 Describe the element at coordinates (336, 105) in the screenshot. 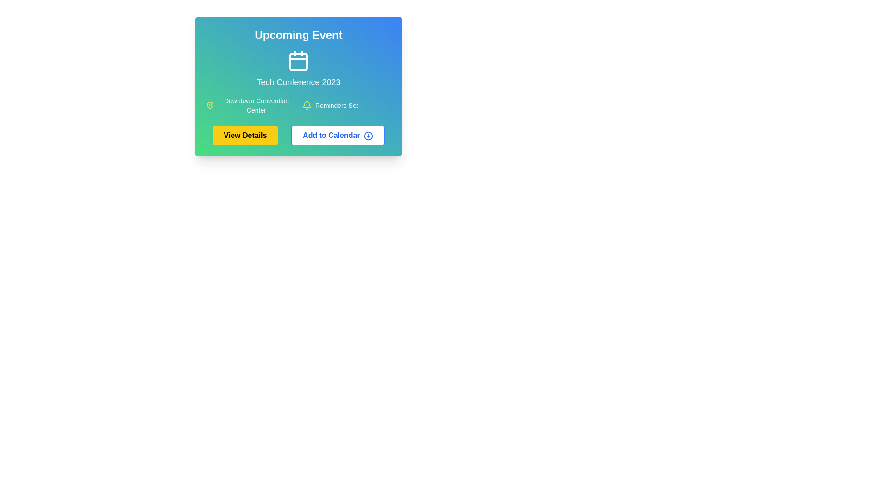

I see `the 'Reminders Set' text label, which indicates the status of reminders and is positioned to the right of a yellow bell icon beneath 'Tech Conference 2023'` at that location.